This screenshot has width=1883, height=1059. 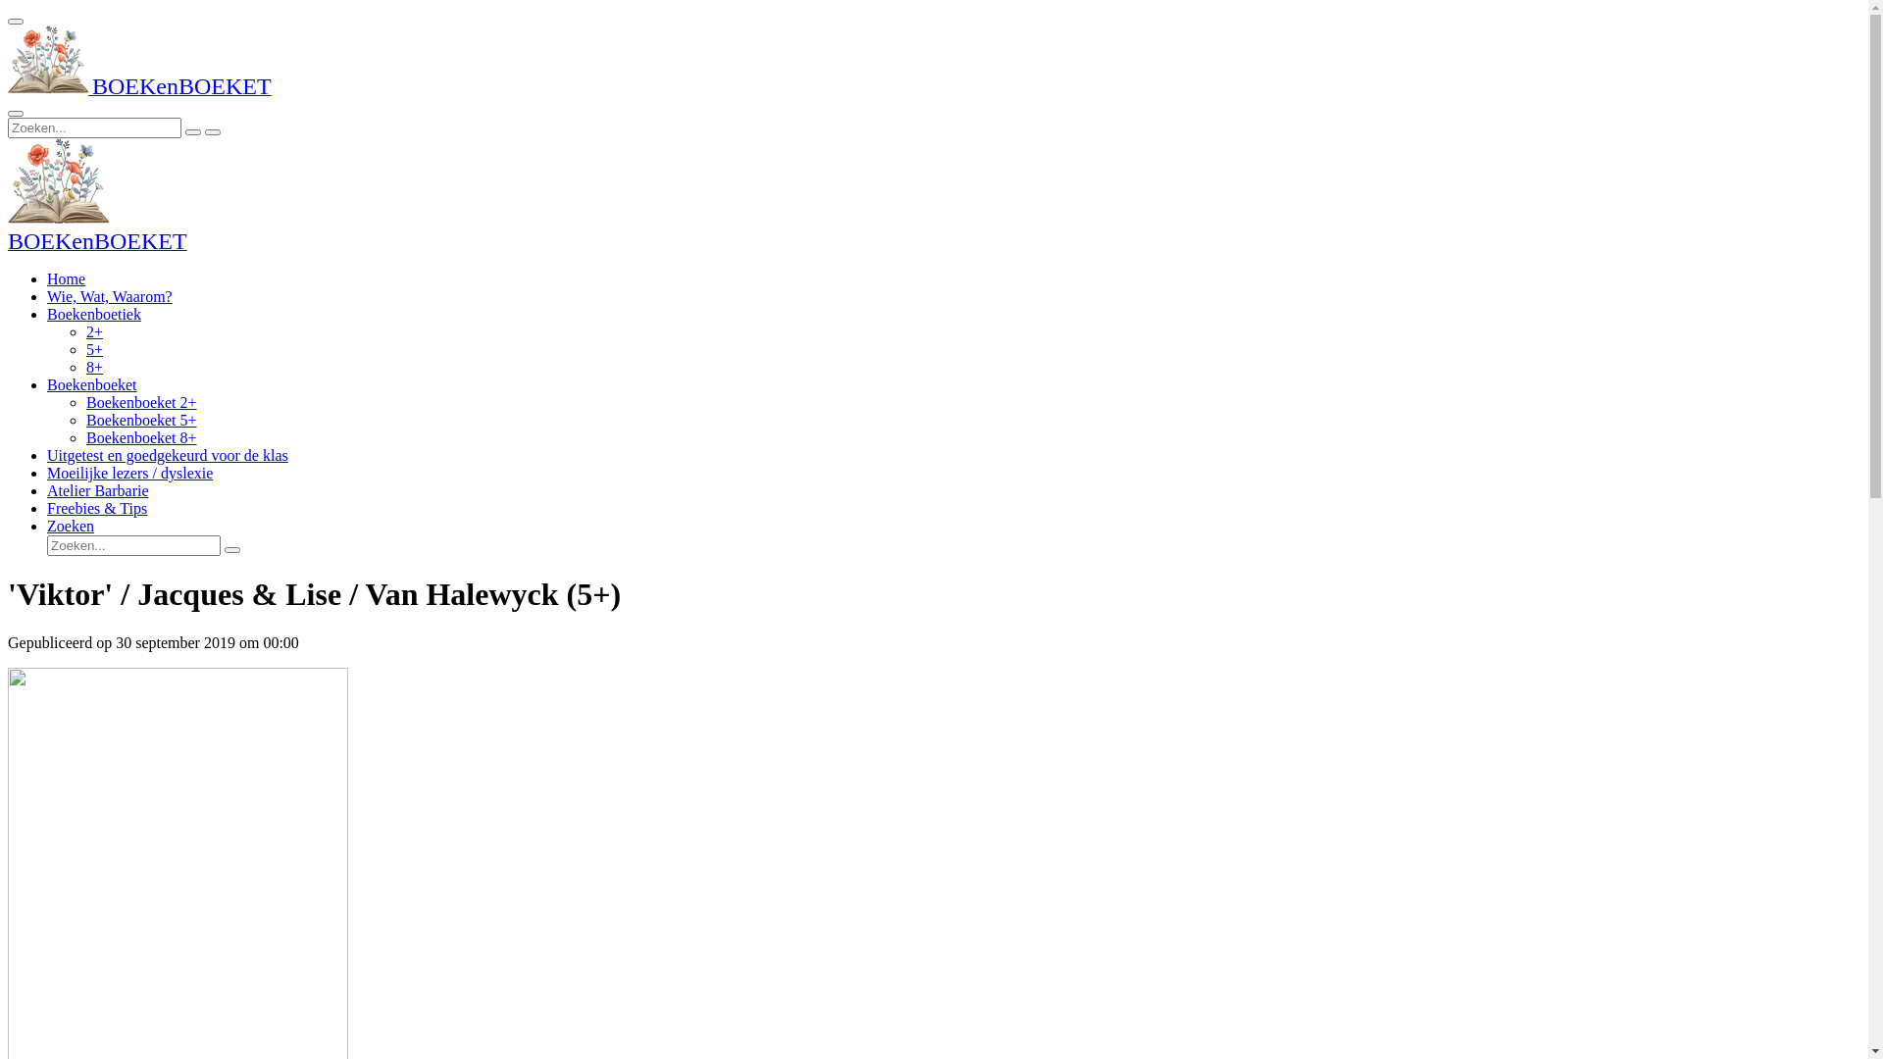 I want to click on 'Boekenboeket 5+', so click(x=140, y=419).